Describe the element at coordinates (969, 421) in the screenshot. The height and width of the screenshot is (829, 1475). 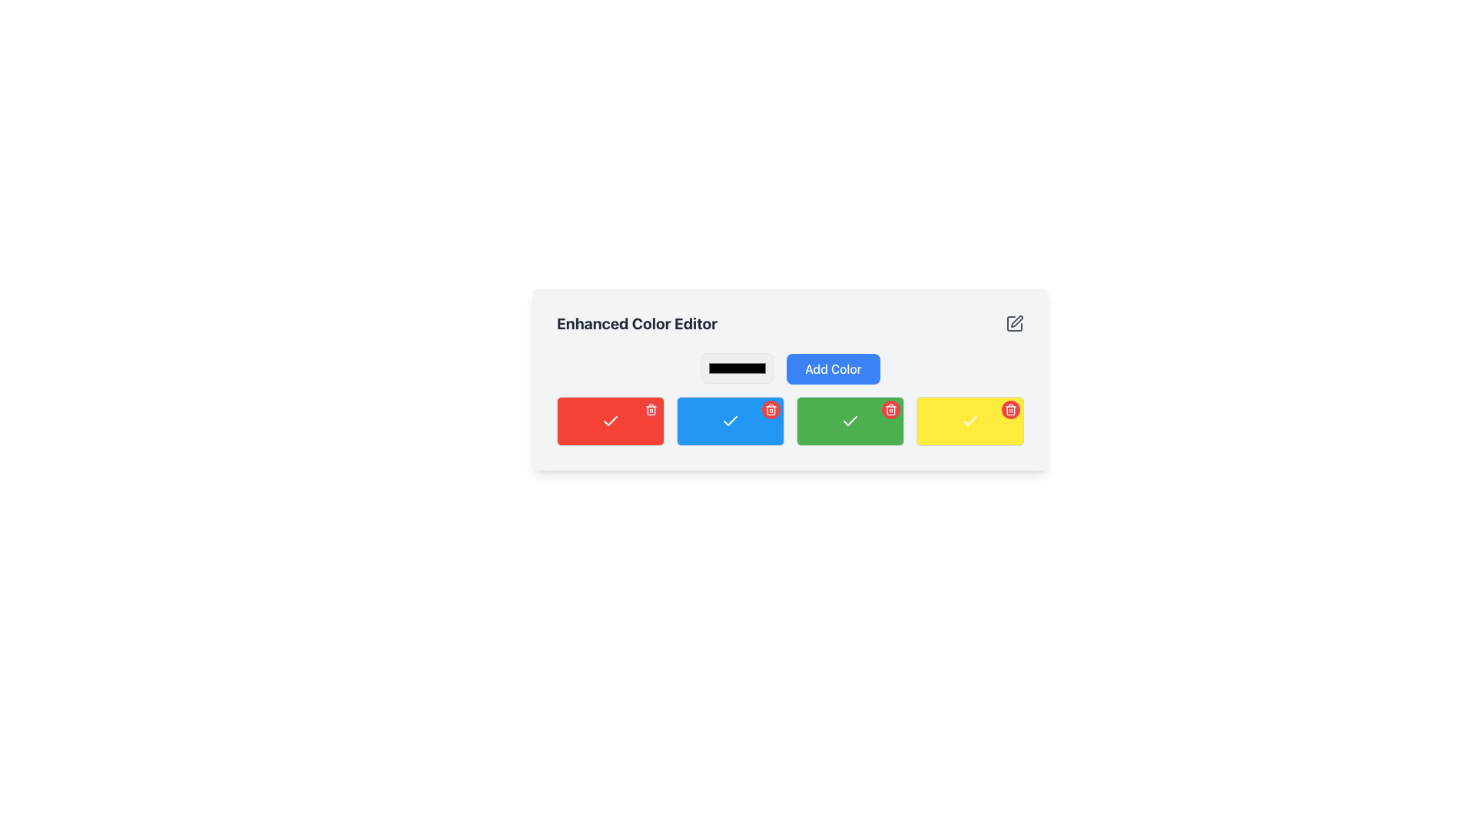
I see `the check mark icon located within the yellow button at the rightmost position in the 'Enhanced Color Editor' panel` at that location.